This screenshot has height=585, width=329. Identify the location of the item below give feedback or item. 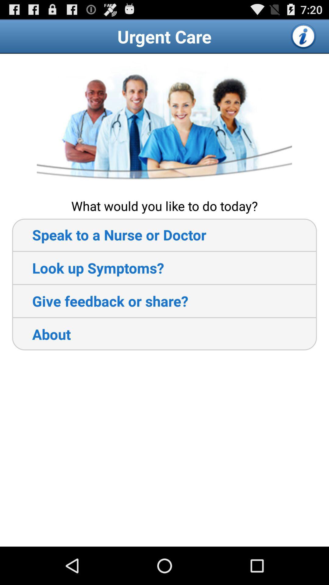
(41, 334).